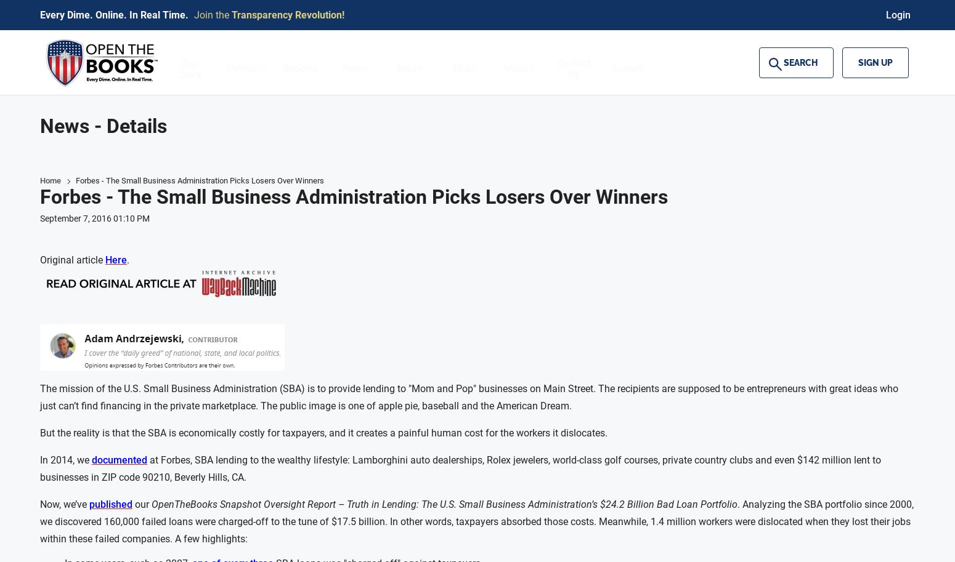 The width and height of the screenshot is (955, 562). I want to click on 'Sign Up', so click(875, 62).